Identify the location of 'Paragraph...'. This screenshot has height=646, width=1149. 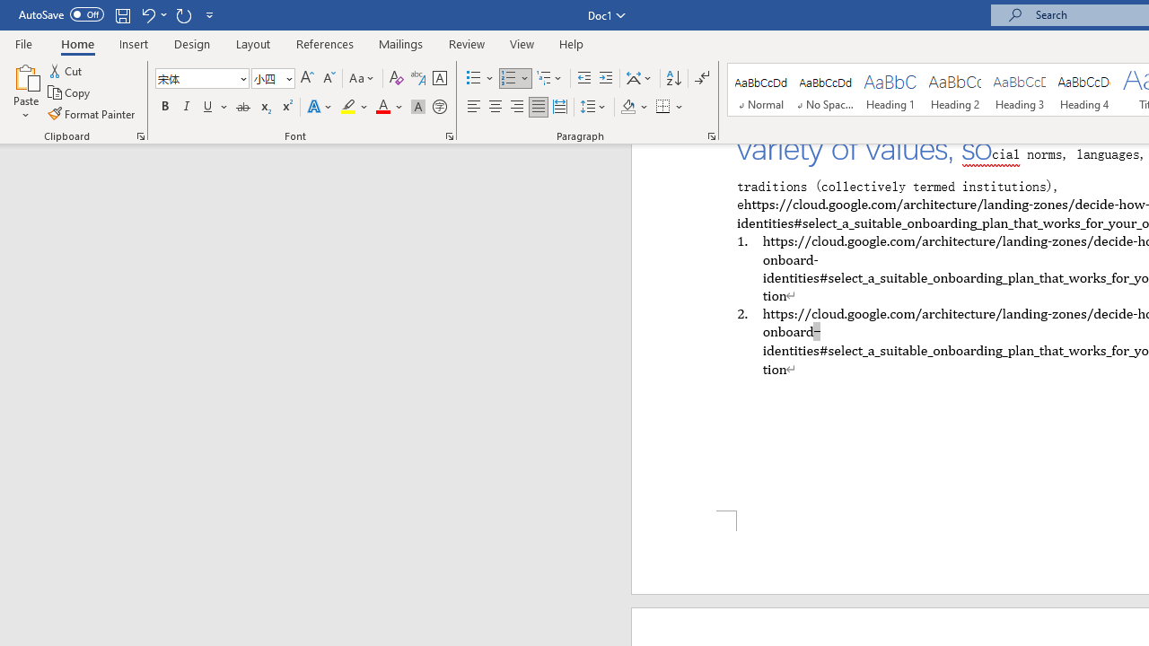
(710, 135).